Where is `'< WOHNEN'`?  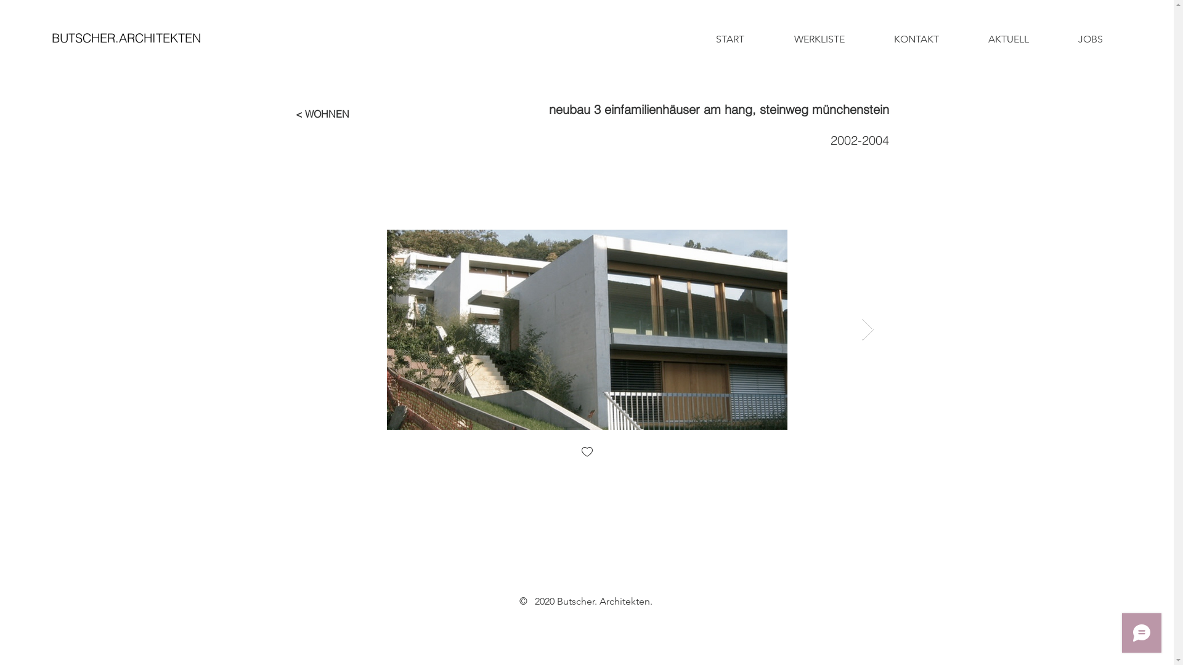 '< WOHNEN' is located at coordinates (322, 114).